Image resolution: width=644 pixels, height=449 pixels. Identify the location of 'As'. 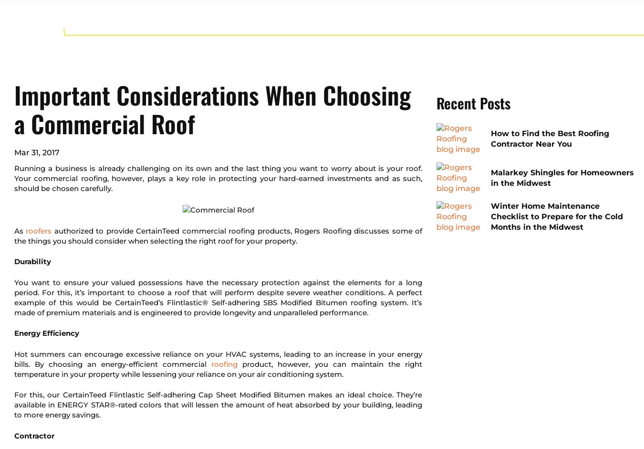
(19, 230).